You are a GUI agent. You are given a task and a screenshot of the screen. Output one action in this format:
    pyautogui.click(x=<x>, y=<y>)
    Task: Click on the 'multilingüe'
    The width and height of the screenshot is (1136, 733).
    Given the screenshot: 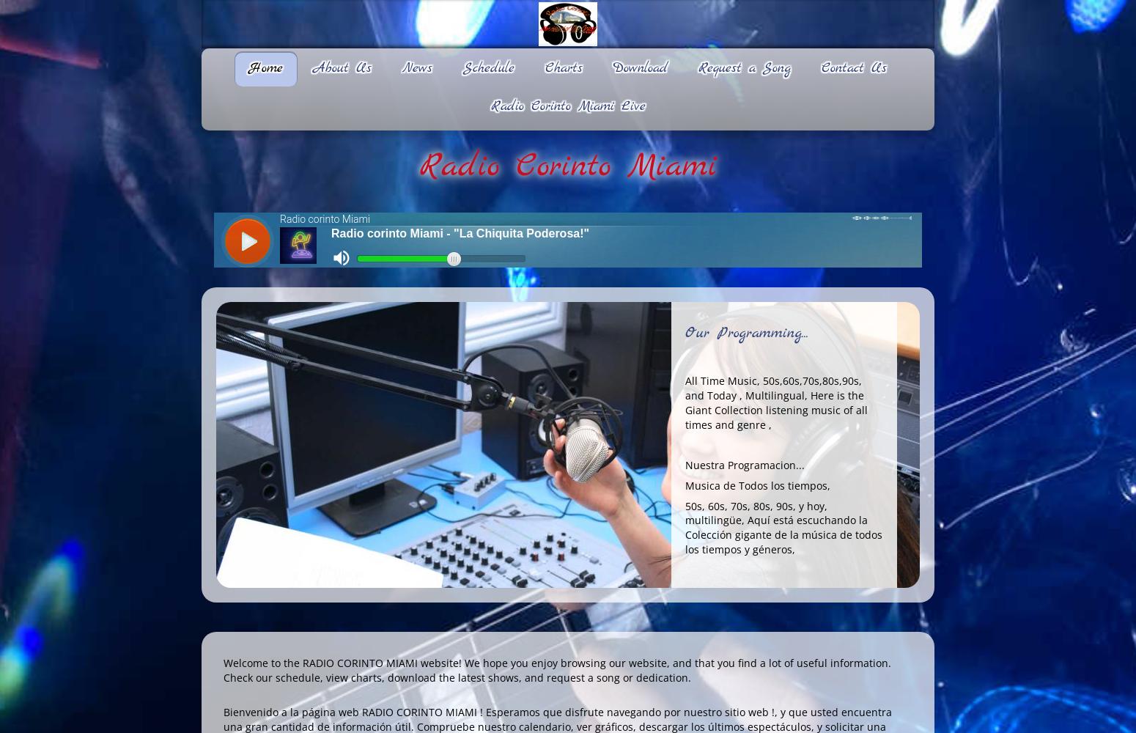 What is the action you would take?
    pyautogui.click(x=712, y=519)
    